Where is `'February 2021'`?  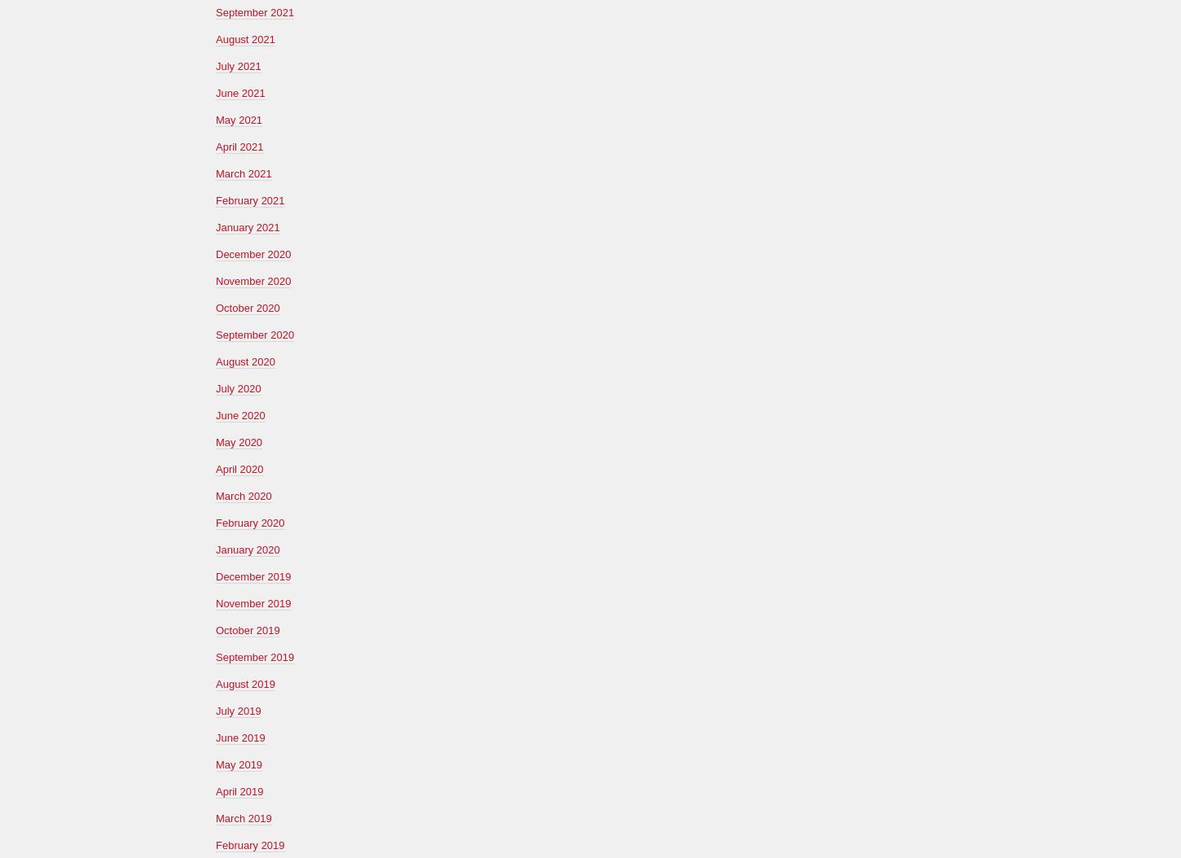 'February 2021' is located at coordinates (249, 199).